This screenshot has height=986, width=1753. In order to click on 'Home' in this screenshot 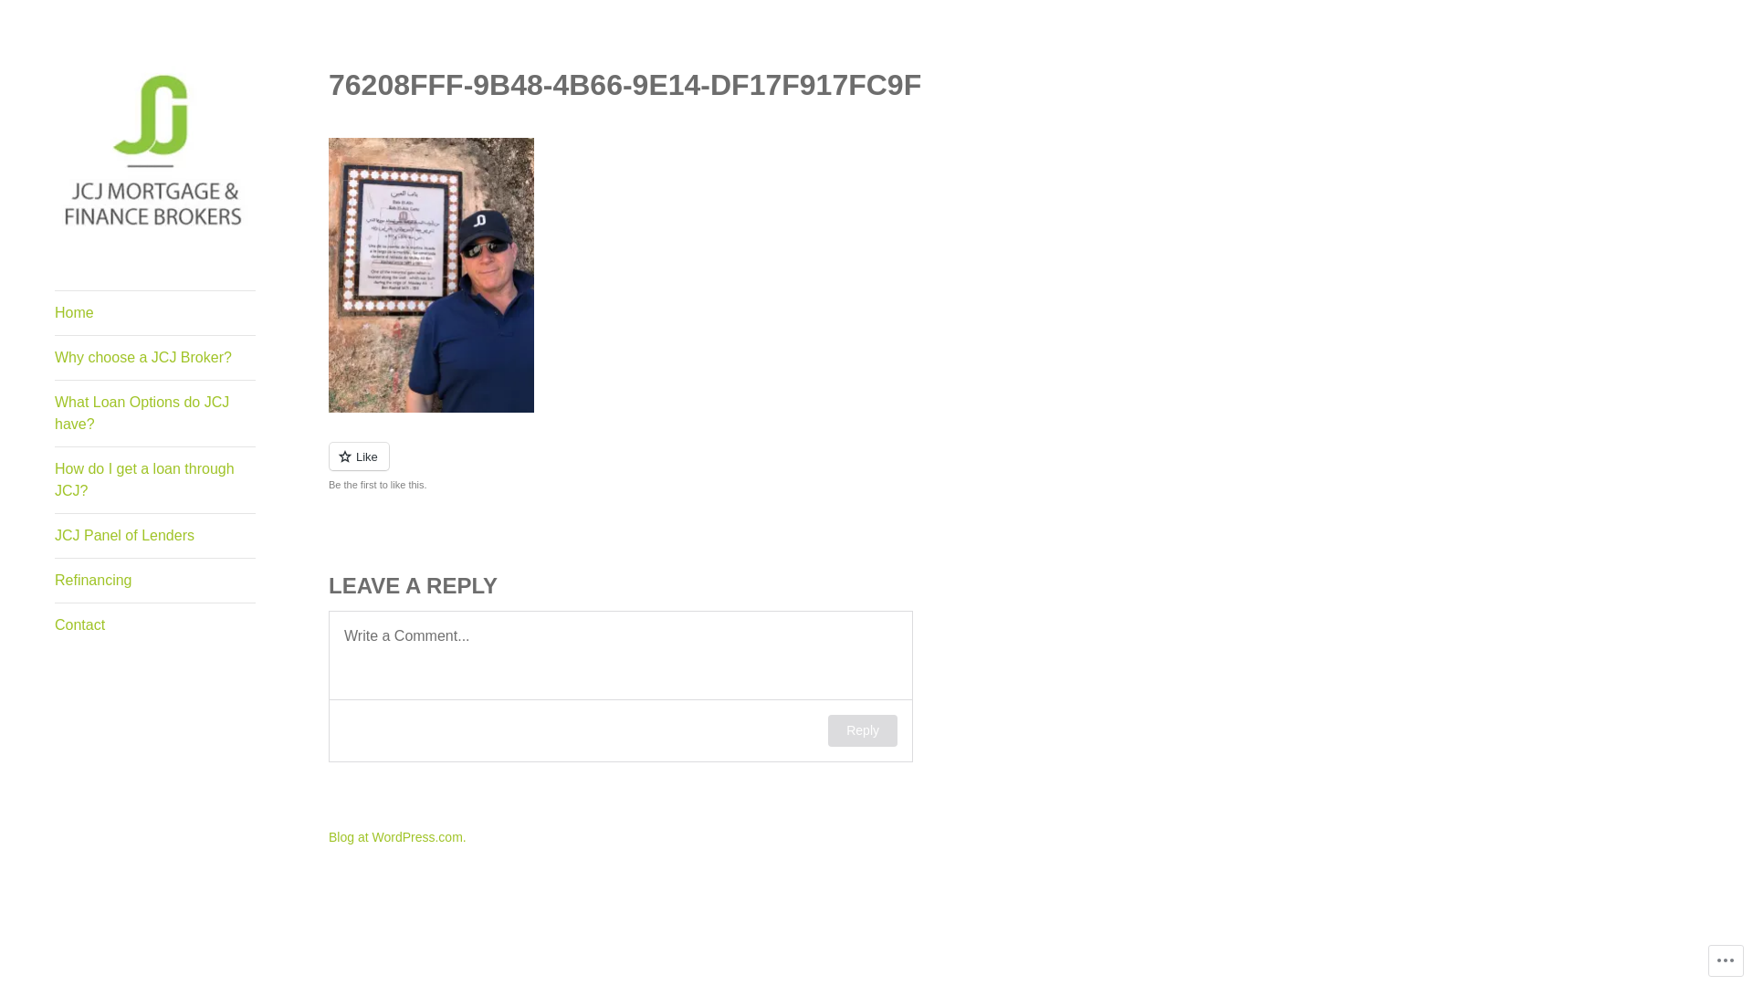, I will do `click(154, 312)`.